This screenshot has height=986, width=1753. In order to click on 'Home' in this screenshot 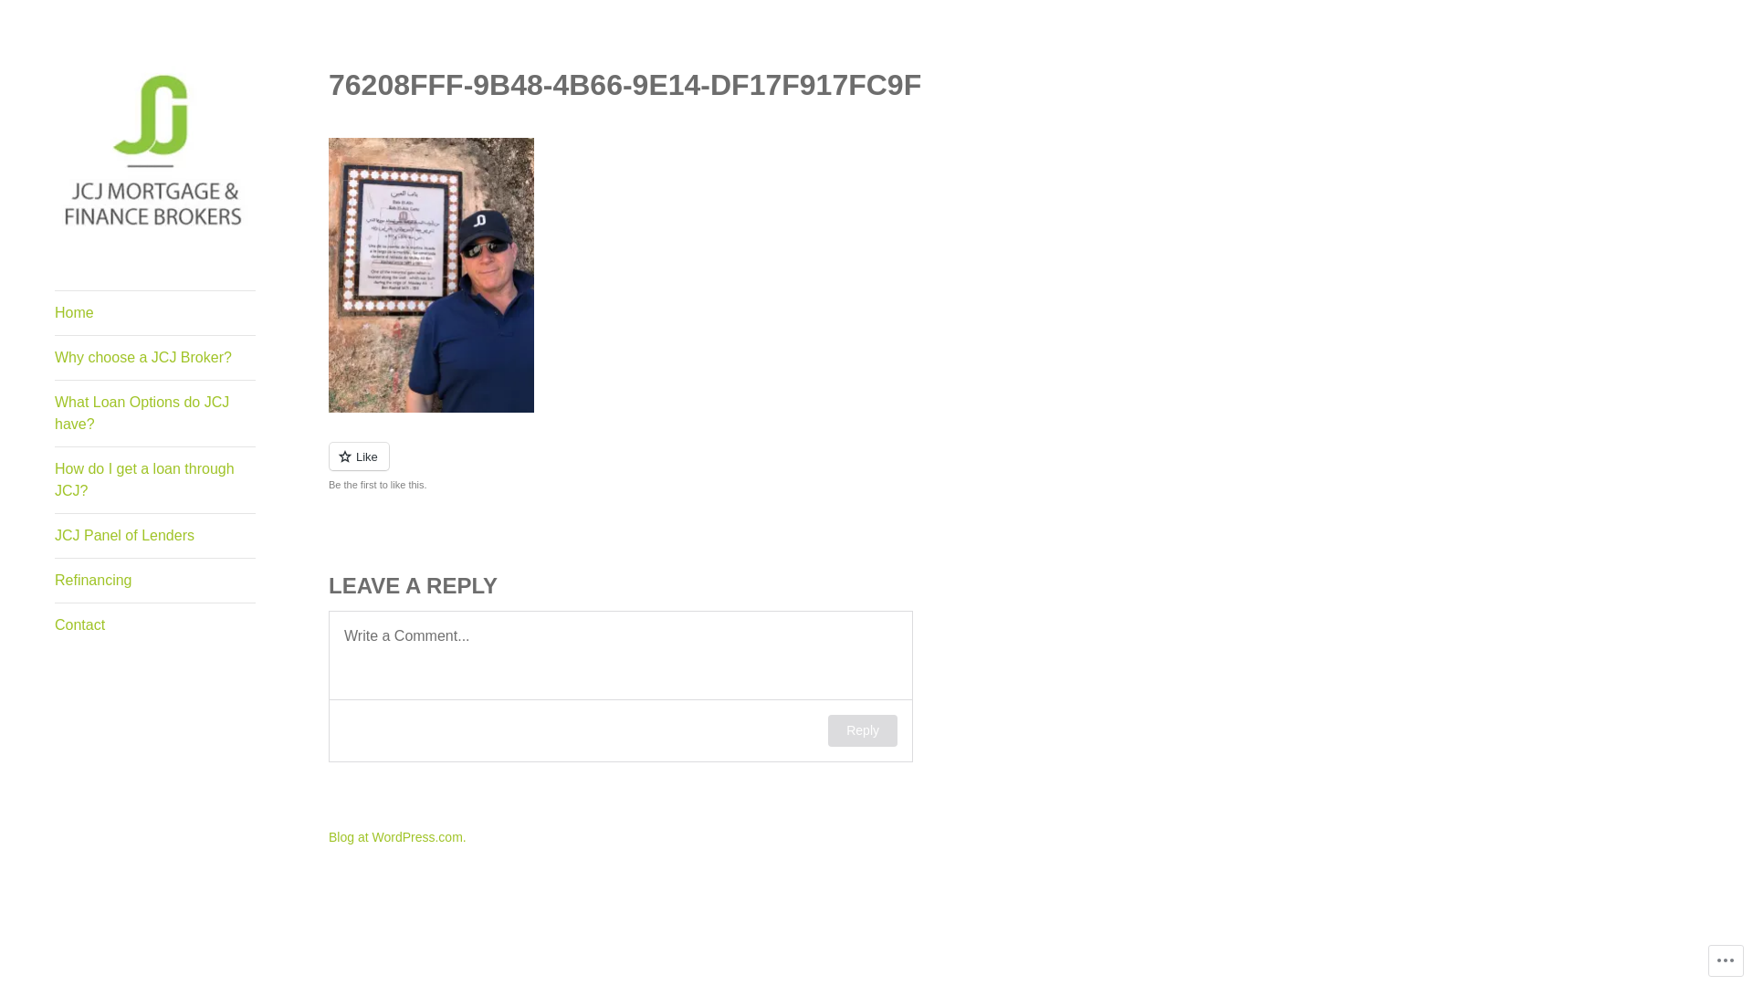, I will do `click(154, 312)`.